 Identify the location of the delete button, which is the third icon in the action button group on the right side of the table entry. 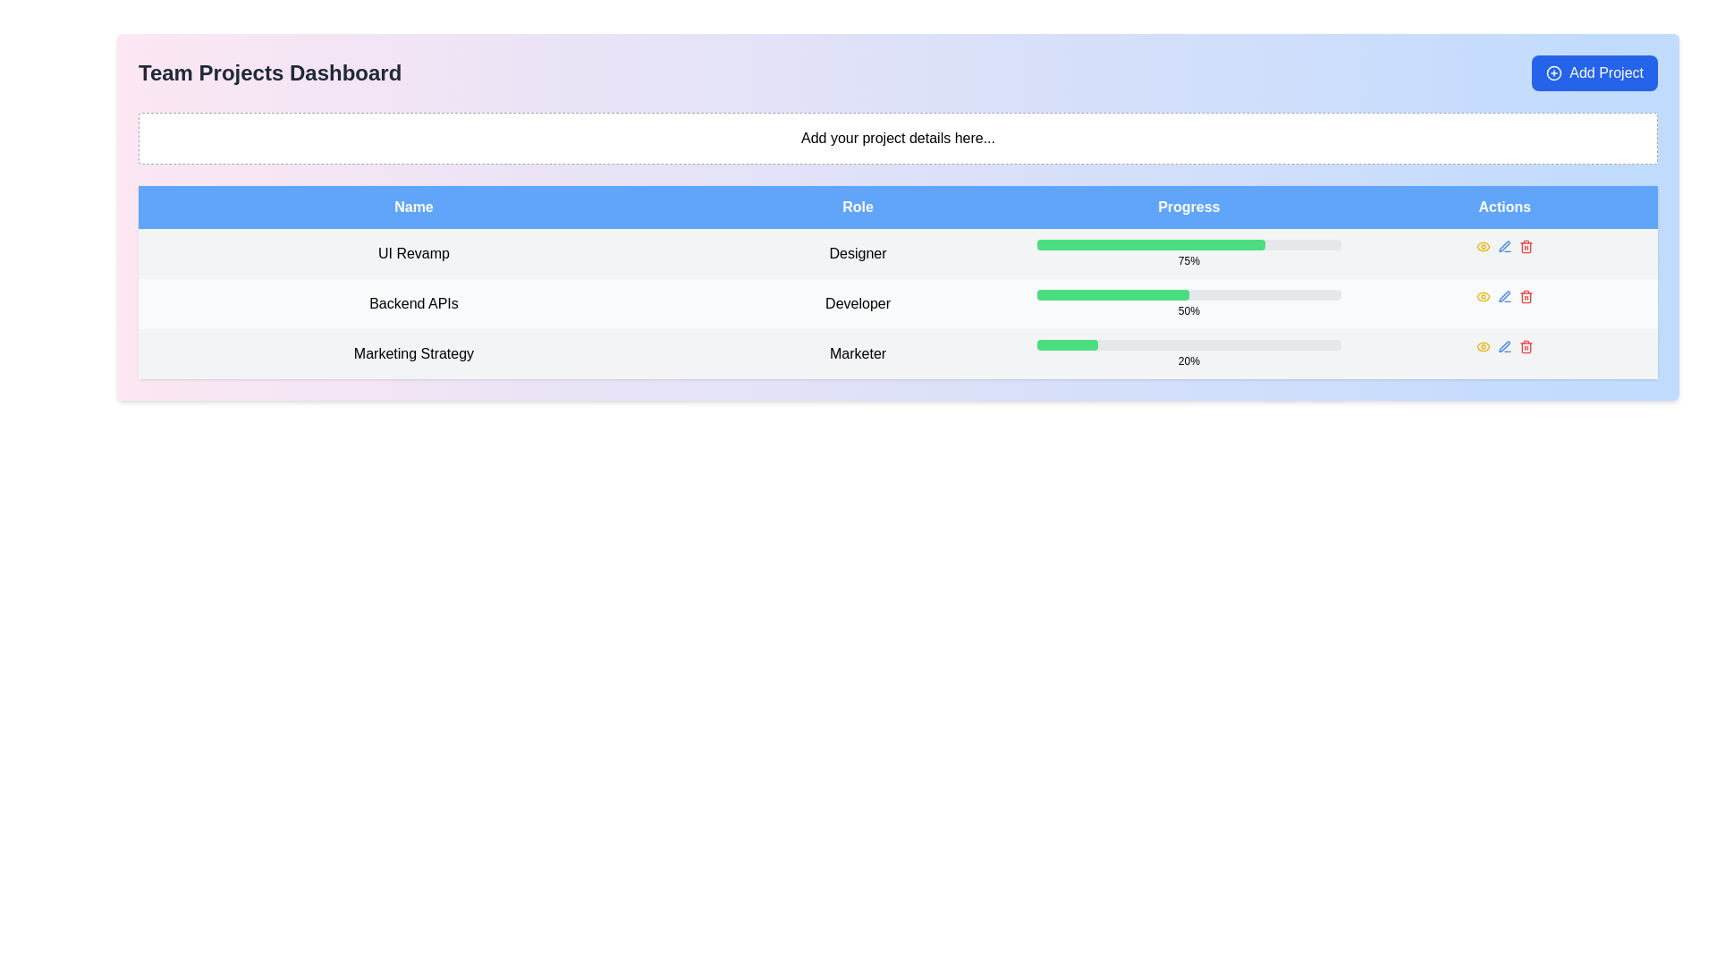
(1525, 347).